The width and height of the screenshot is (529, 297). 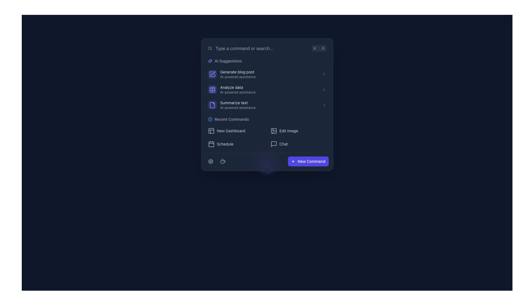 I want to click on the lens component of the search icon, which represents the search functionality and is located in the top-left corner of the panel interface adjacent to the search bar, so click(x=209, y=48).